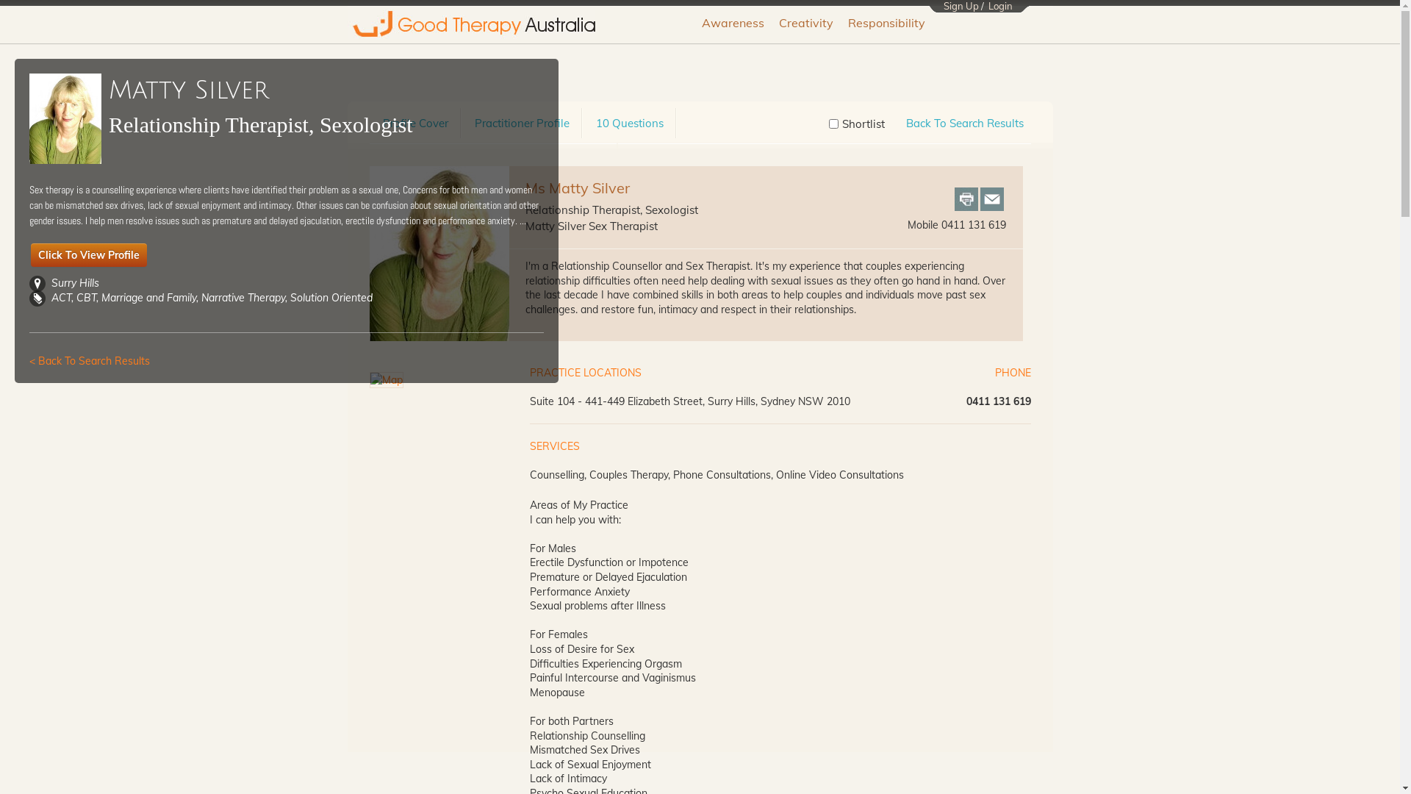  I want to click on 'Responsibility', so click(886, 24).